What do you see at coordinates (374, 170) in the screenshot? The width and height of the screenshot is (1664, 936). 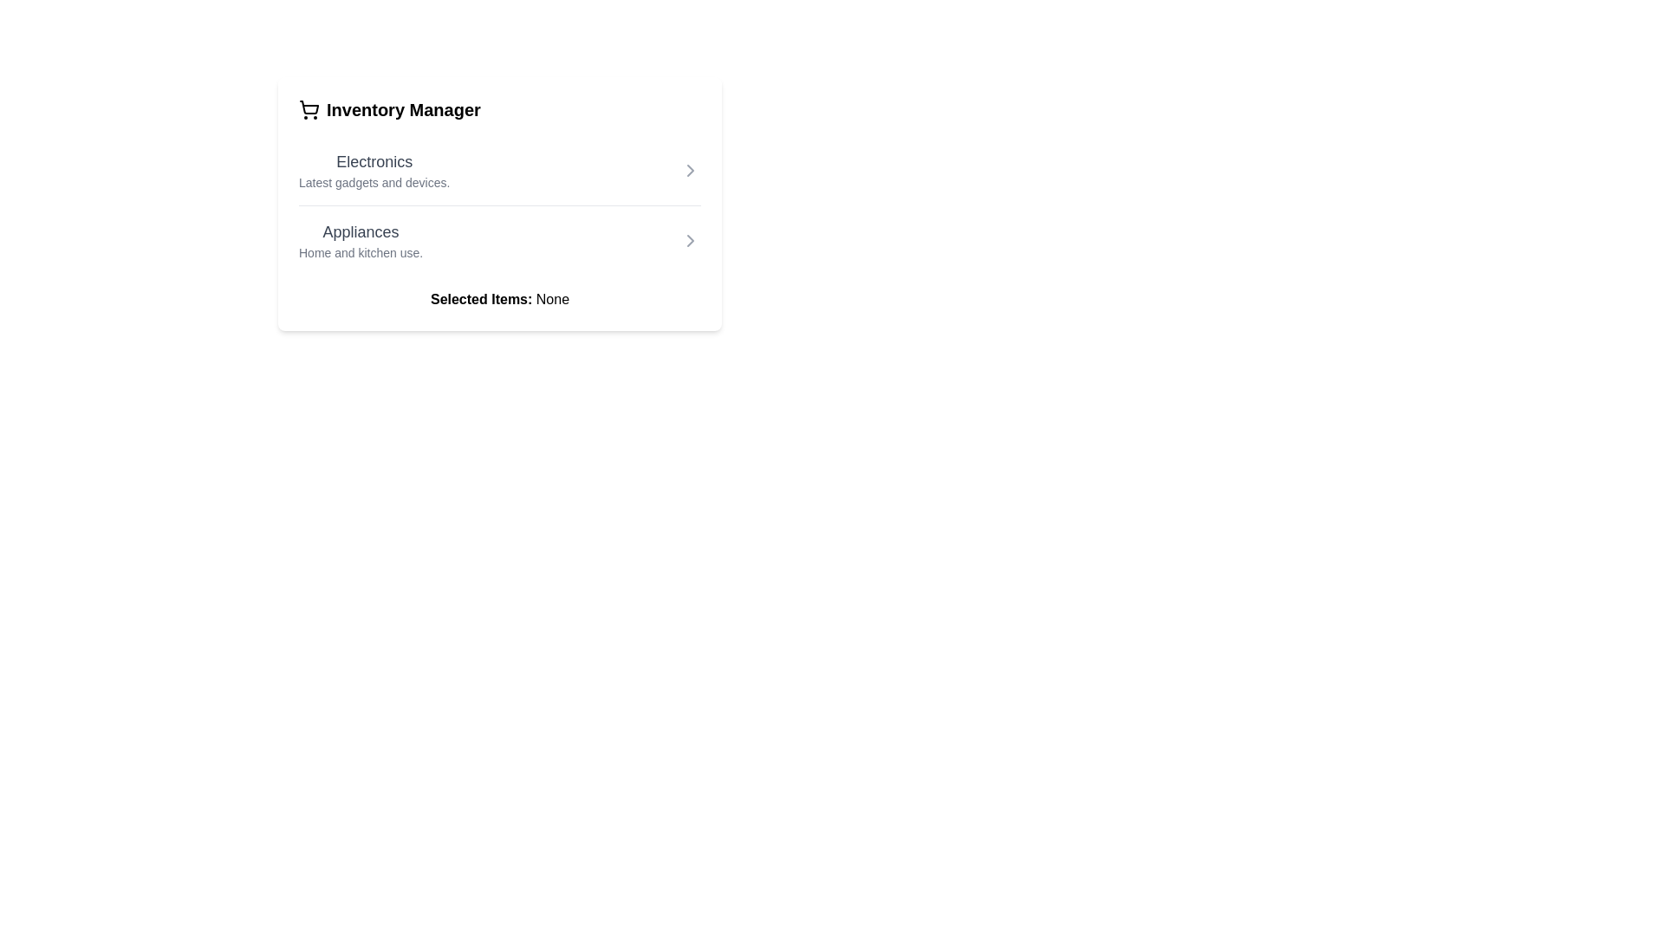 I see `the 'Electronics' heading and subtitle combination, which is the first item in the vertical list within the 'Inventory Manager' panel` at bounding box center [374, 170].